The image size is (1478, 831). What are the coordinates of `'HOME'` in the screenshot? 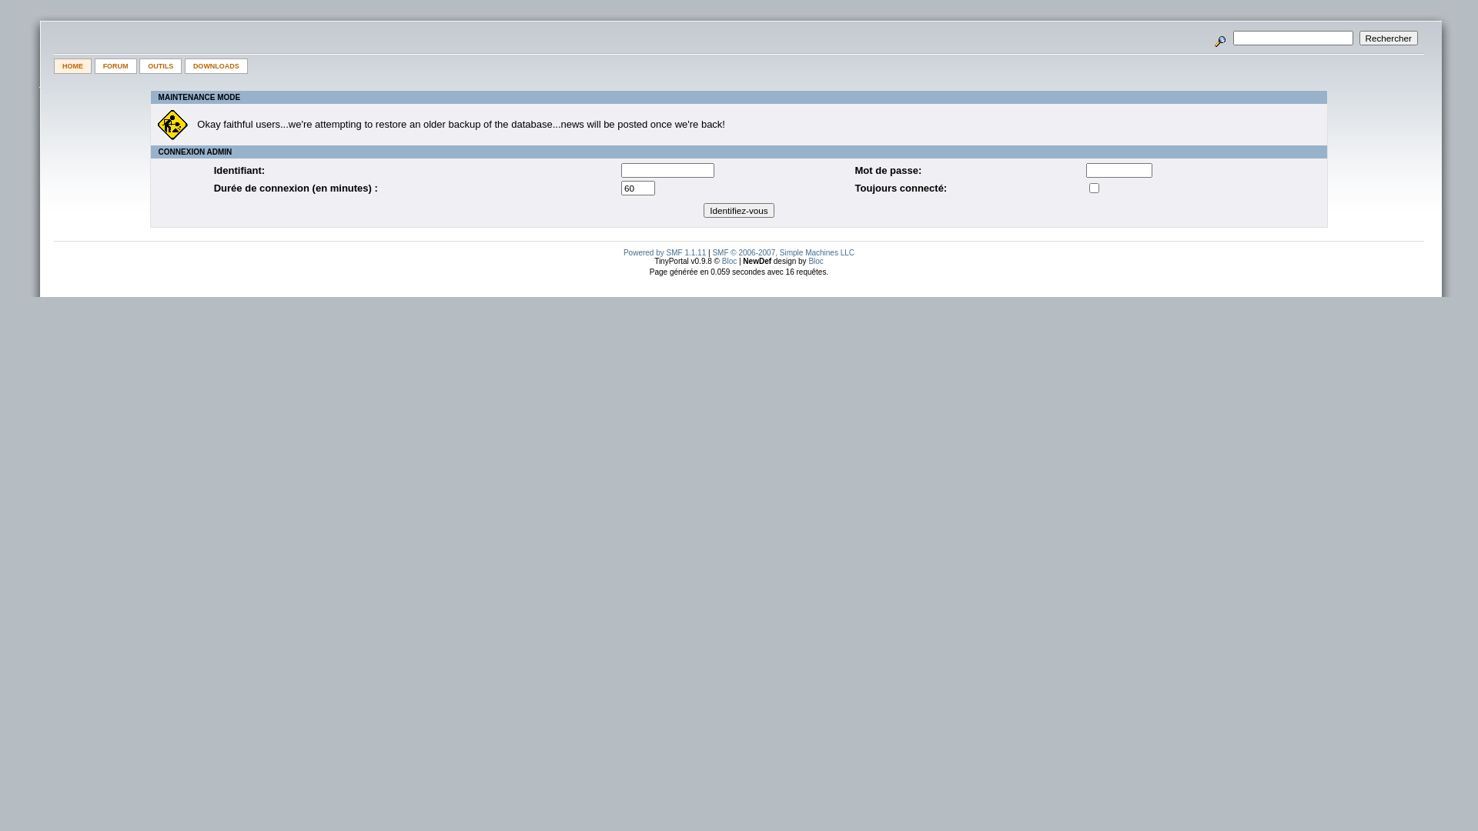 It's located at (72, 65).